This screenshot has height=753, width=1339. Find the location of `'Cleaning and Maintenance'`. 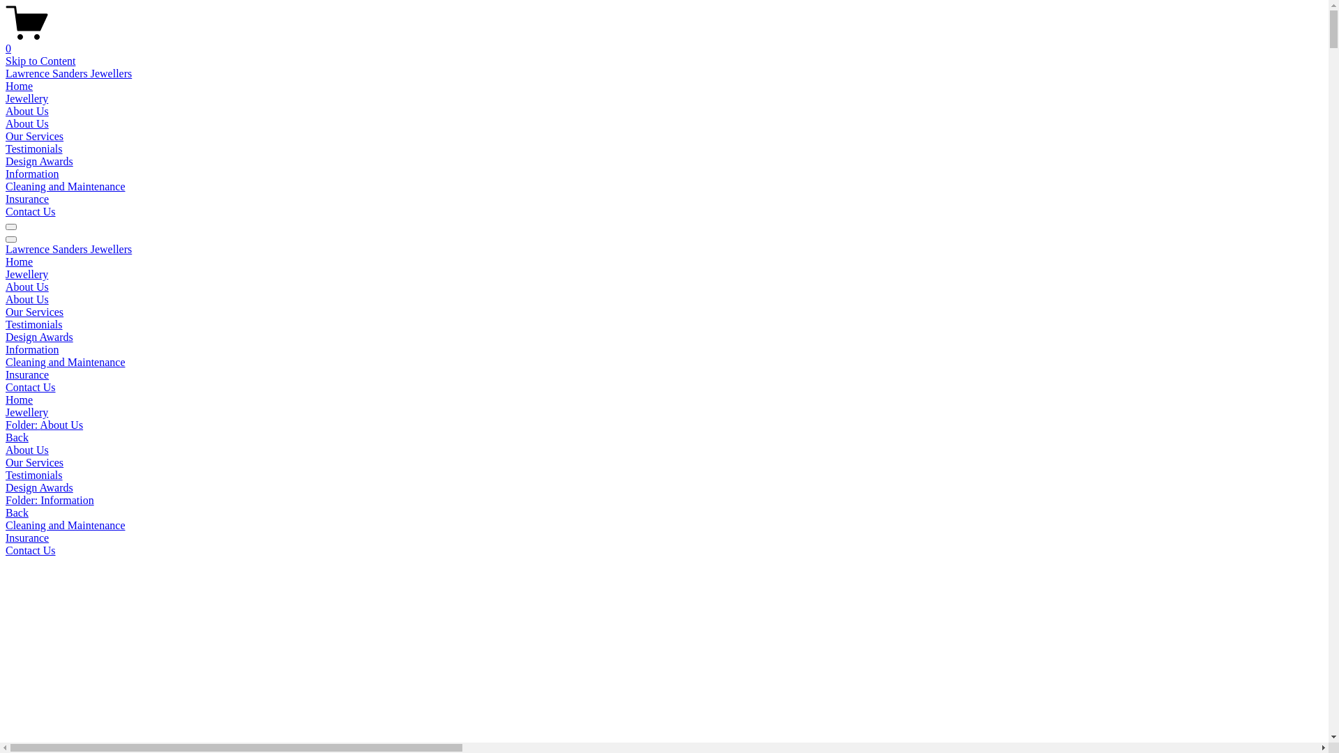

'Cleaning and Maintenance' is located at coordinates (663, 525).